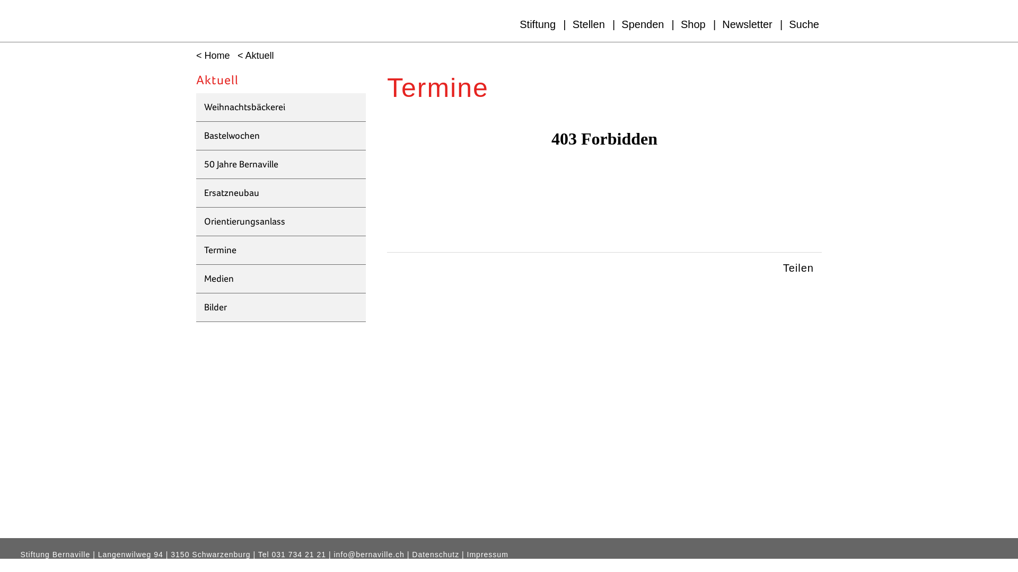 The image size is (1018, 572). Describe the element at coordinates (280, 193) in the screenshot. I see `'Ersatzneubau'` at that location.